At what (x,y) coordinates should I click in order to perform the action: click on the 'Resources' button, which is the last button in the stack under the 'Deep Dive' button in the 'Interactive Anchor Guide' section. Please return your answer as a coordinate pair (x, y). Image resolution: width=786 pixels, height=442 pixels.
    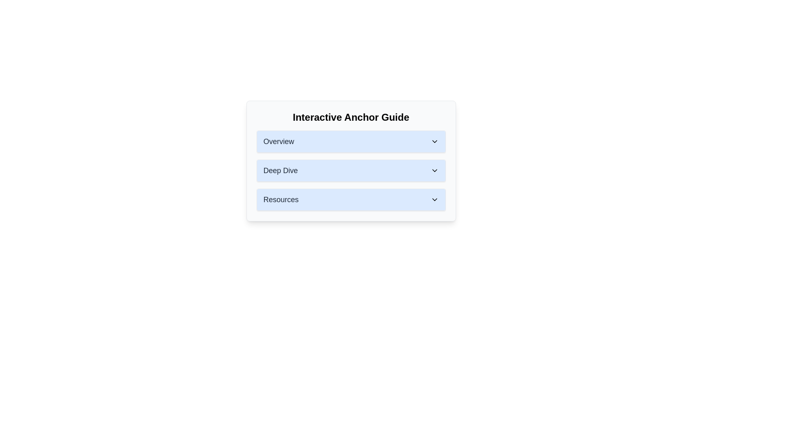
    Looking at the image, I should click on (351, 200).